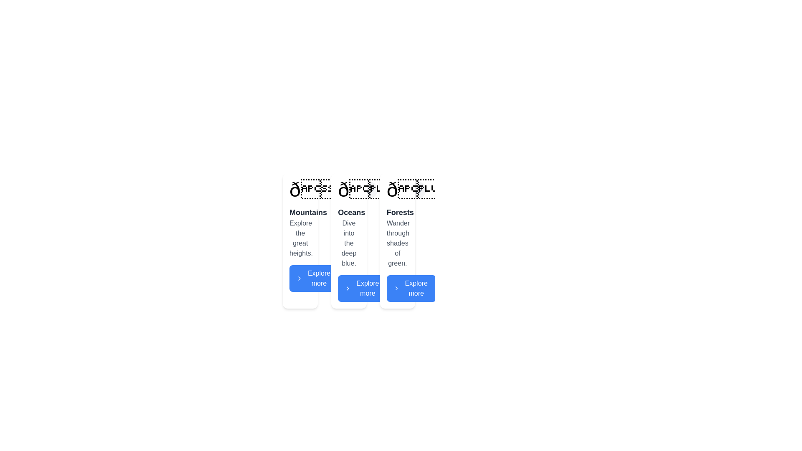 This screenshot has width=802, height=451. What do you see at coordinates (368, 190) in the screenshot?
I see `the heart-shaped icon within the circular button on the 'Oceans' card` at bounding box center [368, 190].